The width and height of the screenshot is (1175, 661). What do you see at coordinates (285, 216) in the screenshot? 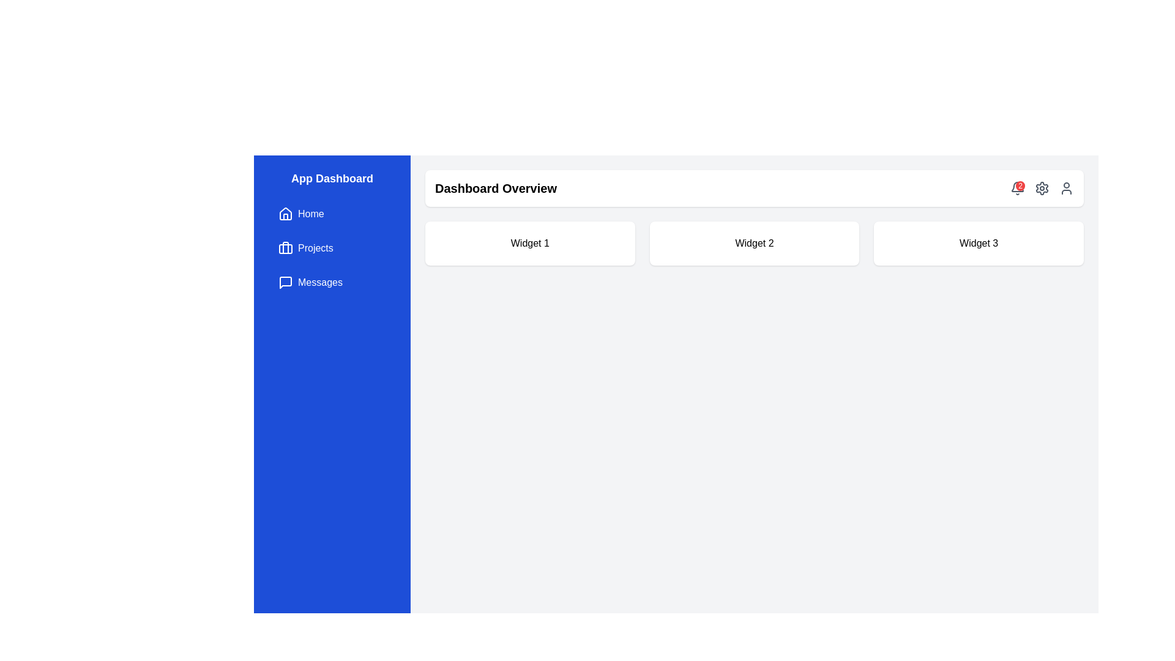
I see `the vertical rectangle with rounded edges representing the building in the outlined house icon located in the middle part of the house icon within the left navigation sidebar` at bounding box center [285, 216].